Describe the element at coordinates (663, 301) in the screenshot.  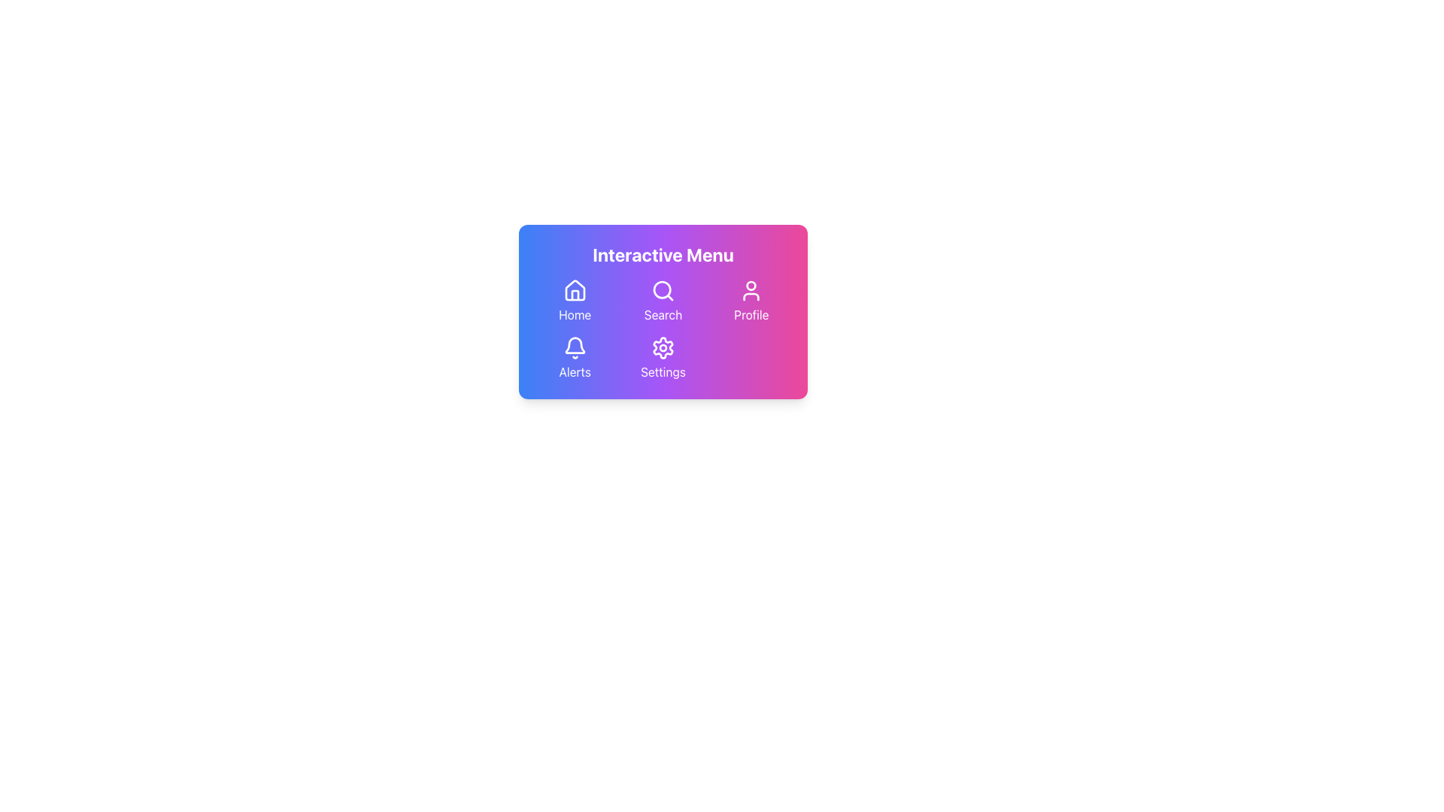
I see `the second button in the three-column grid layout to initiate a search action` at that location.